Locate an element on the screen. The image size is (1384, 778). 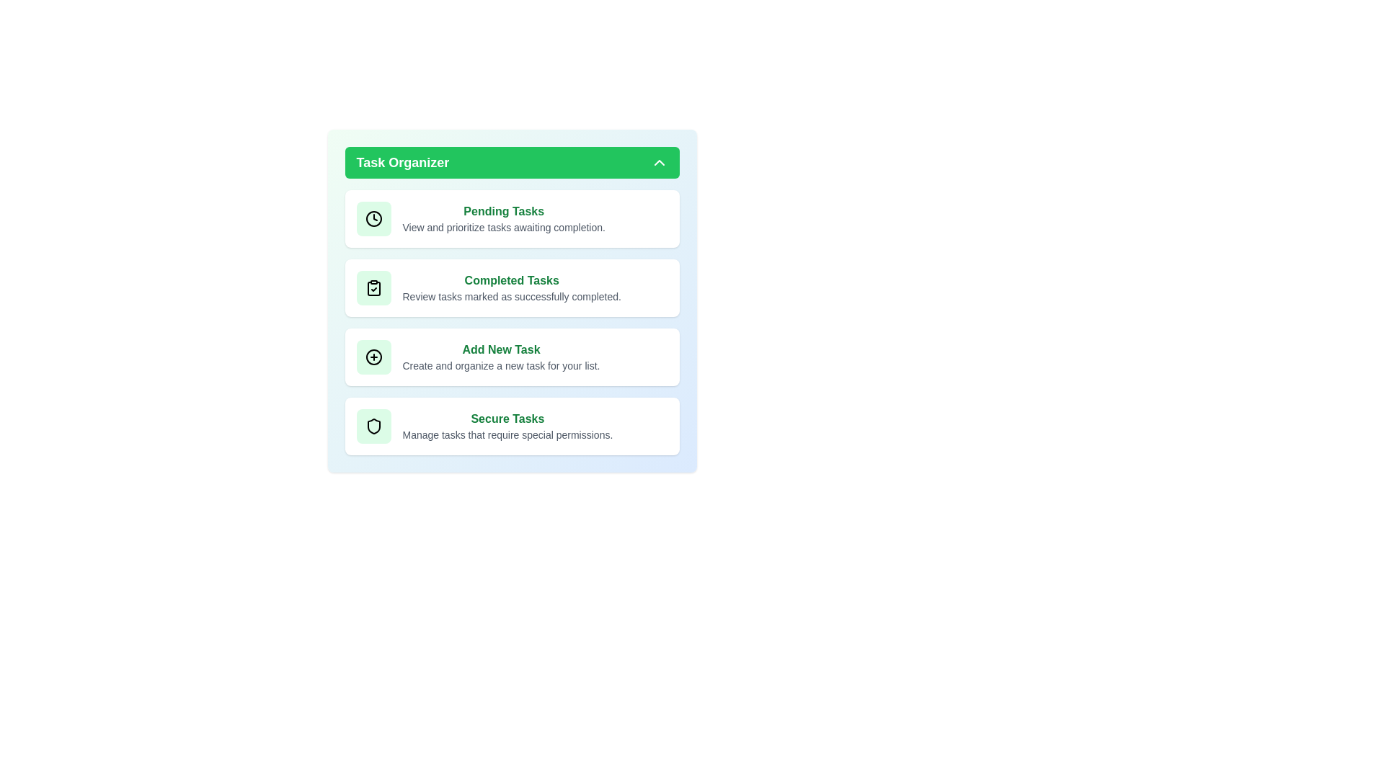
the 'Secure Tasks' card to view or manage secure tasks is located at coordinates (512, 425).